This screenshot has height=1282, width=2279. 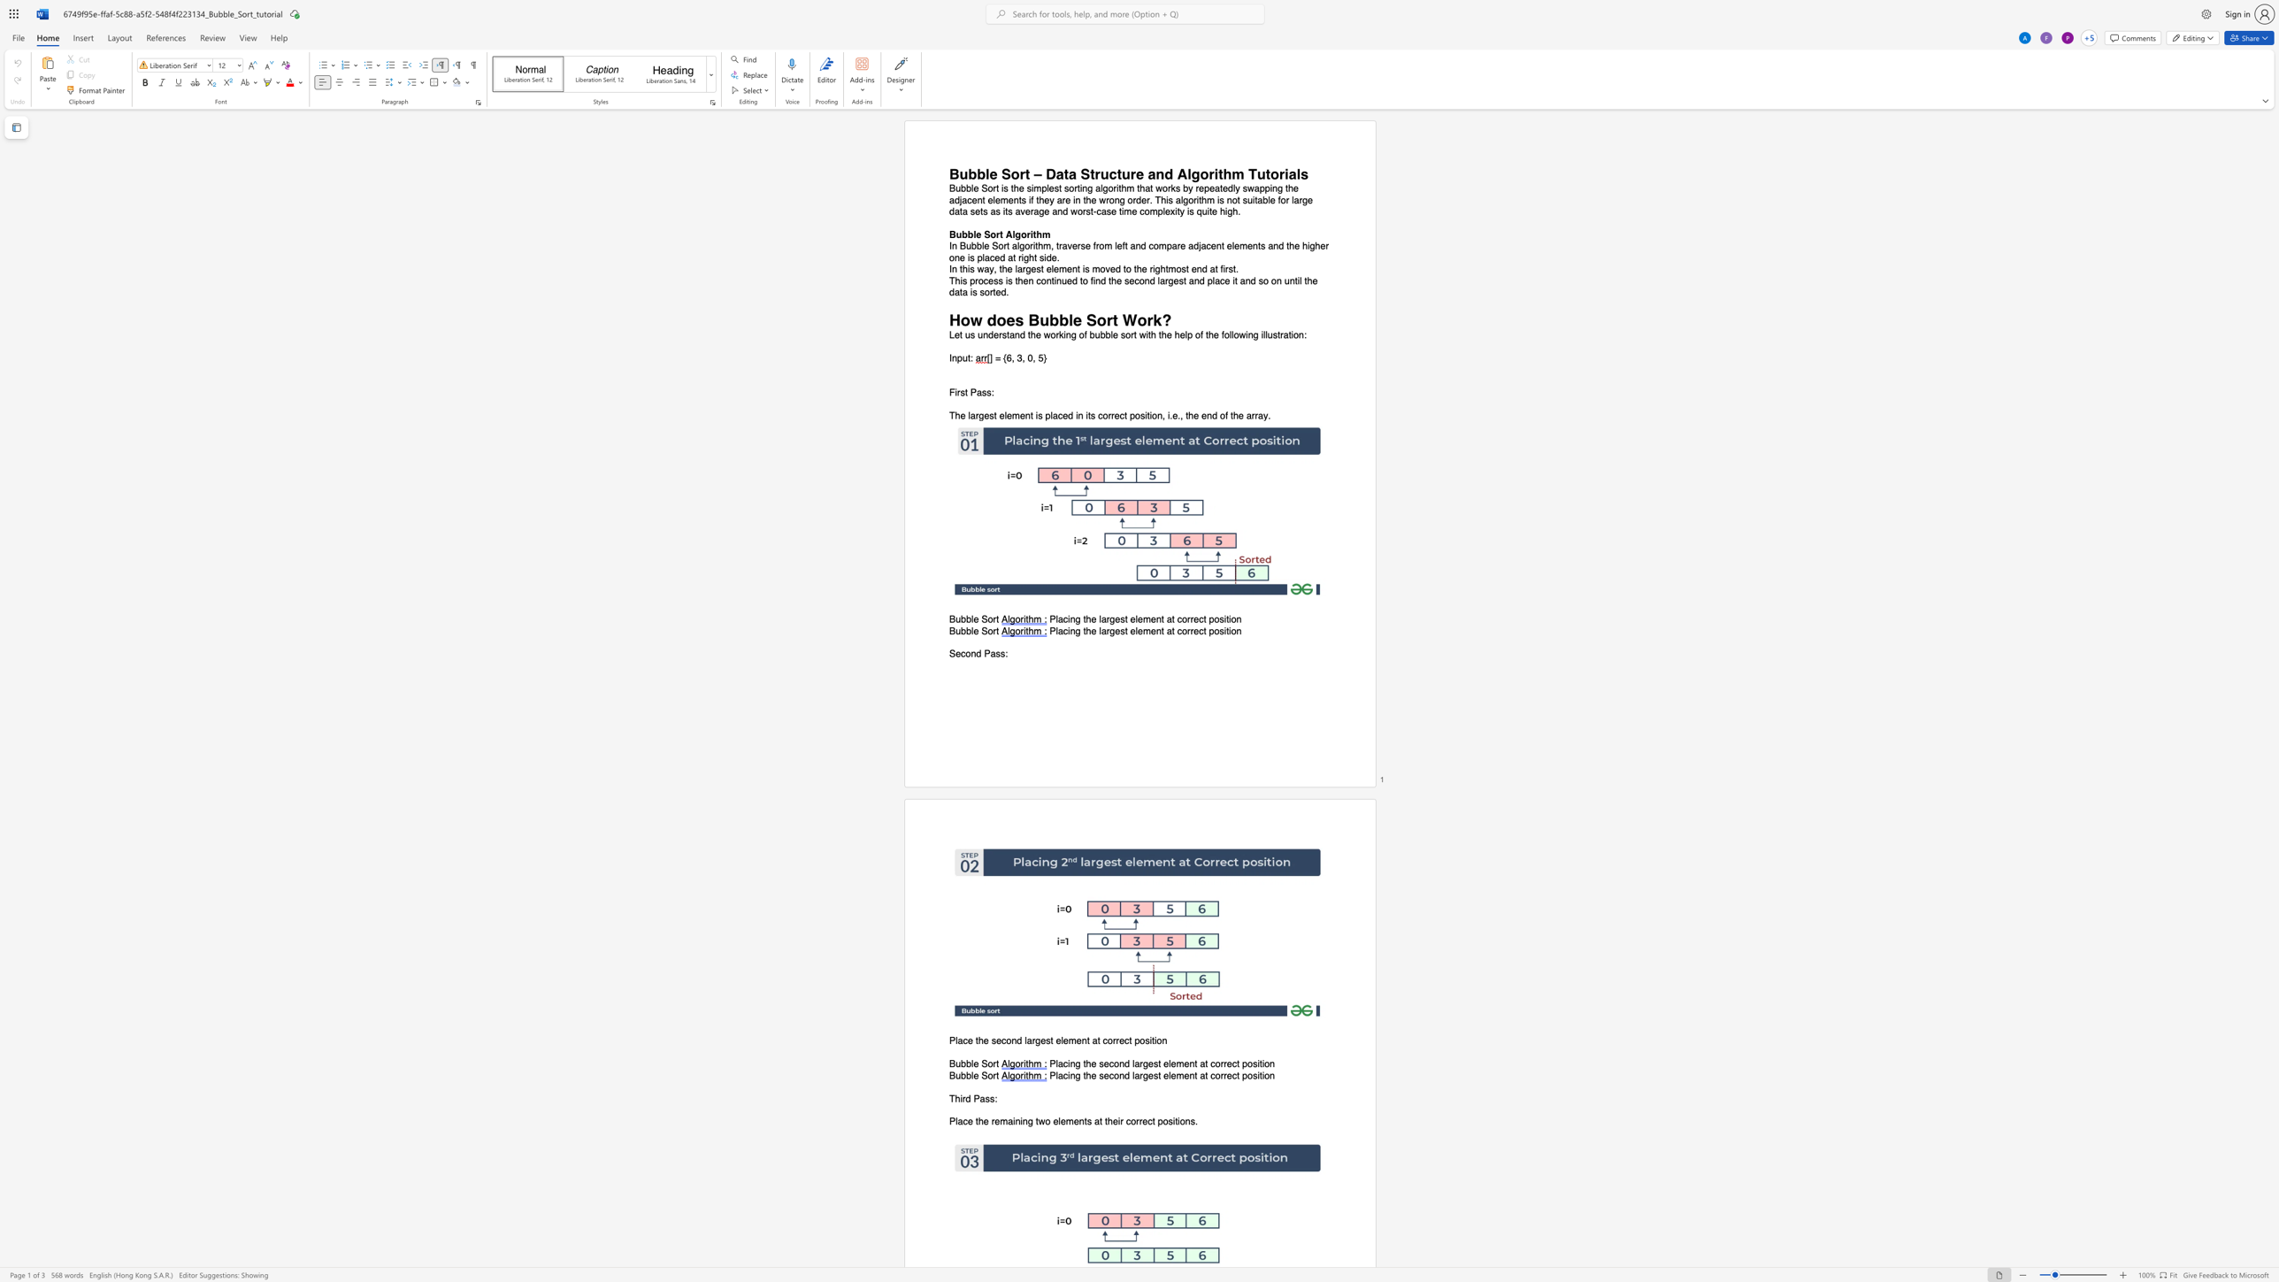 I want to click on the 2th character "u" in the text, so click(x=1285, y=280).